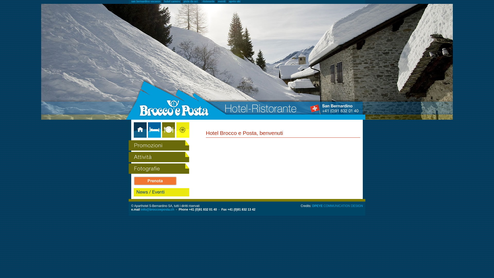 The image size is (494, 278). Describe the element at coordinates (157, 169) in the screenshot. I see `'Fotograzie brocco'` at that location.